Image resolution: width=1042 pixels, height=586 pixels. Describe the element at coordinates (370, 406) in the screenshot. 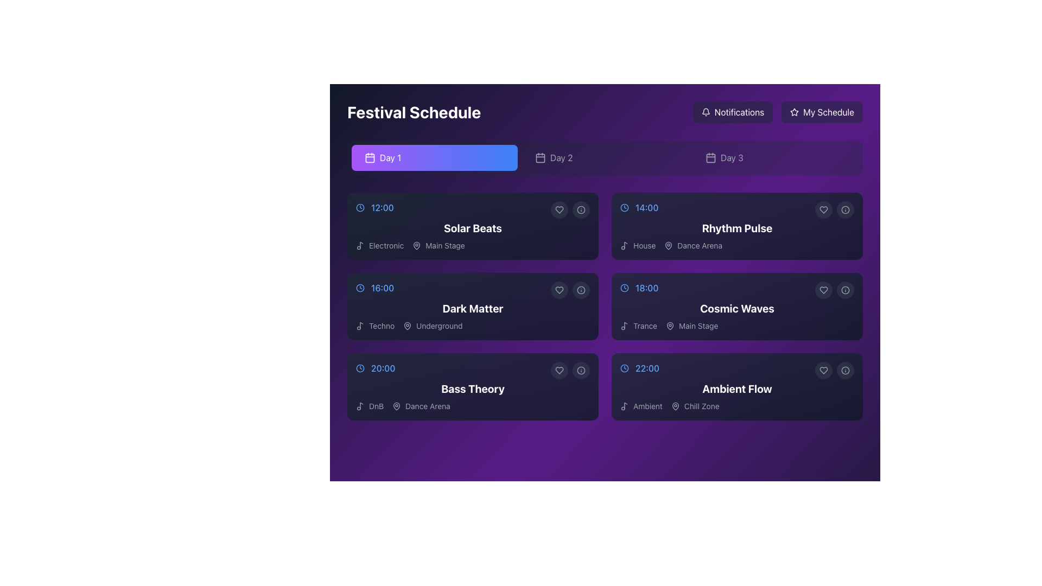

I see `contents of the text label displaying 'DnB', which is located at the bottom-left corner of the 'Bass Theory' schedule card, near the start time 20:00` at that location.